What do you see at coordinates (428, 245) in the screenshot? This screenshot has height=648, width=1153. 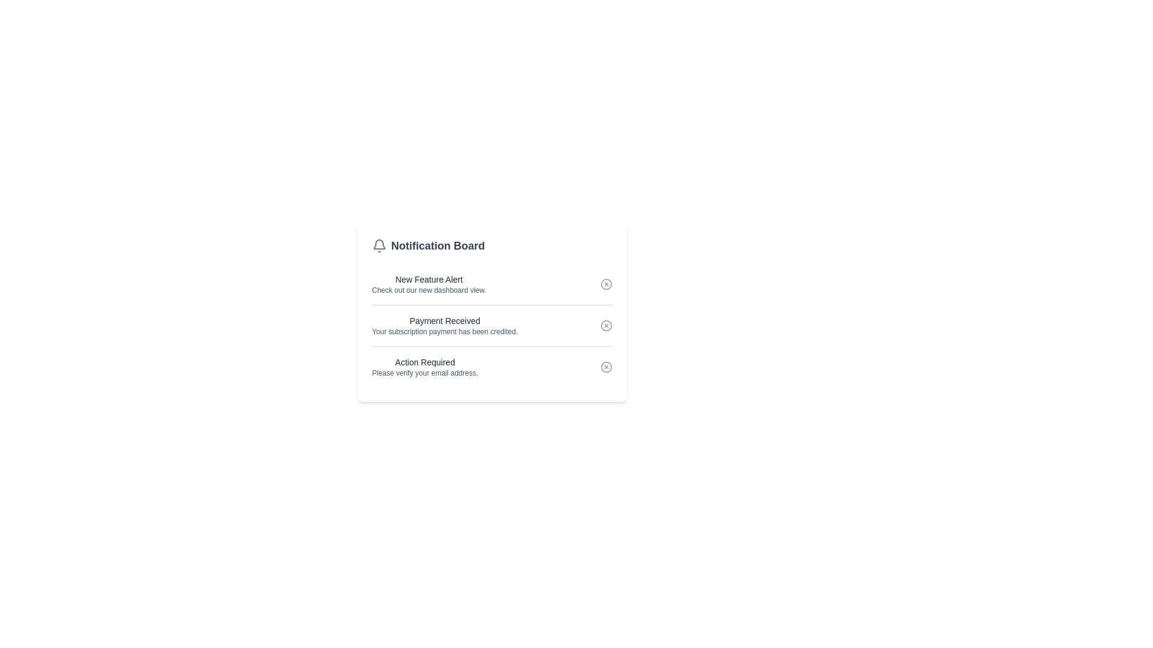 I see `the 'Notification Board' header text, which includes an icon resembling a bell followed by the text in bold and larger font style, located at the top left corner of a card-like layout` at bounding box center [428, 245].